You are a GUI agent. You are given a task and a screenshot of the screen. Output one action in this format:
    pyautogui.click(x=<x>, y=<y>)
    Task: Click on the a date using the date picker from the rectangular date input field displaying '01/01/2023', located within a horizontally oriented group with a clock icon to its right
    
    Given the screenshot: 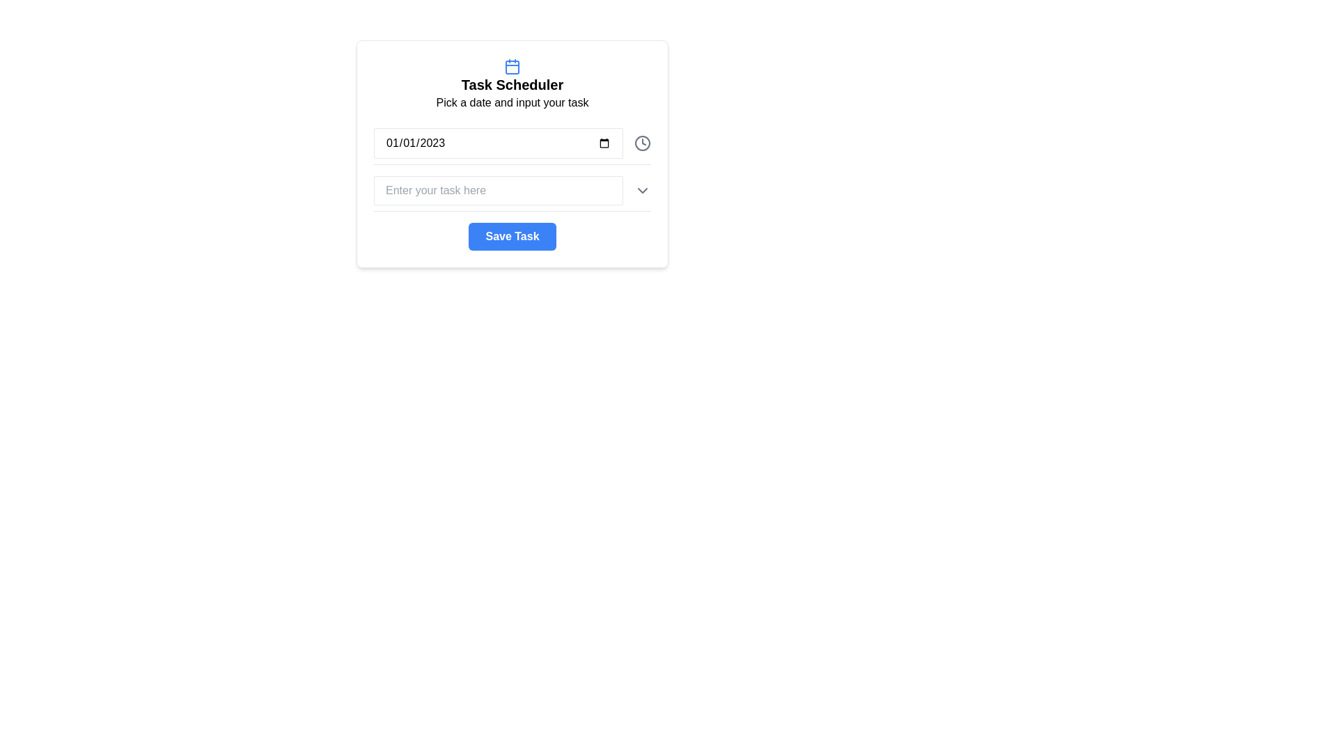 What is the action you would take?
    pyautogui.click(x=498, y=142)
    